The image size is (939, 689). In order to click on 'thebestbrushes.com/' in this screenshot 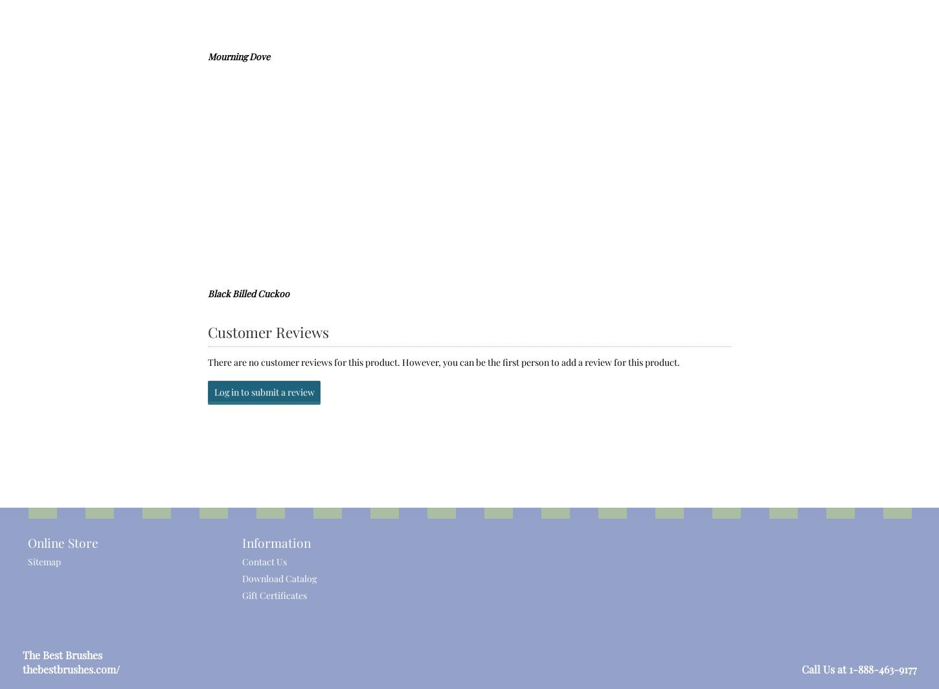, I will do `click(71, 668)`.